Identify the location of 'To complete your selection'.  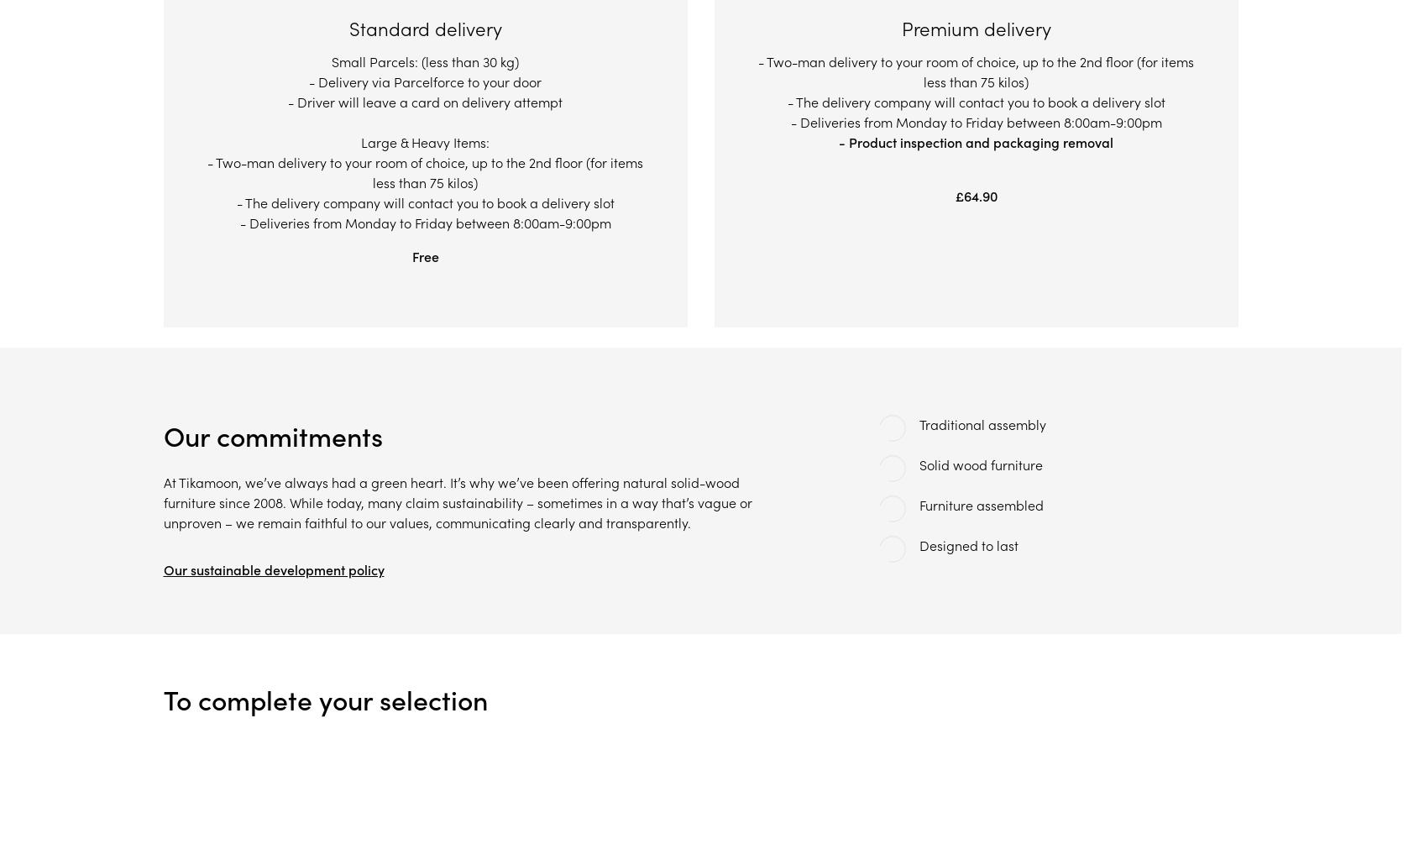
(161, 700).